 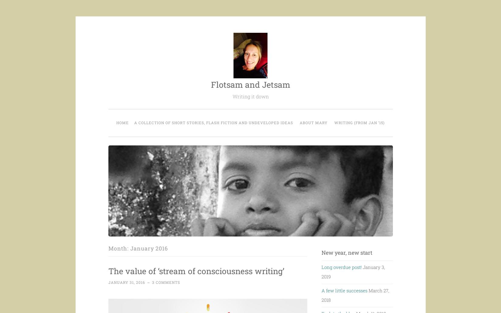 What do you see at coordinates (321, 290) in the screenshot?
I see `'A few little successes'` at bounding box center [321, 290].